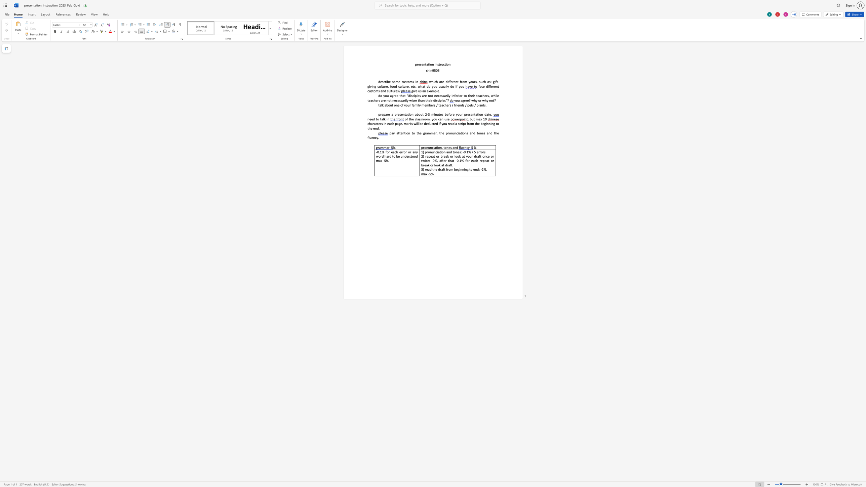 This screenshot has height=487, width=866. What do you see at coordinates (423, 119) in the screenshot?
I see `the space between the continuous character "r" and "o" in the text` at bounding box center [423, 119].